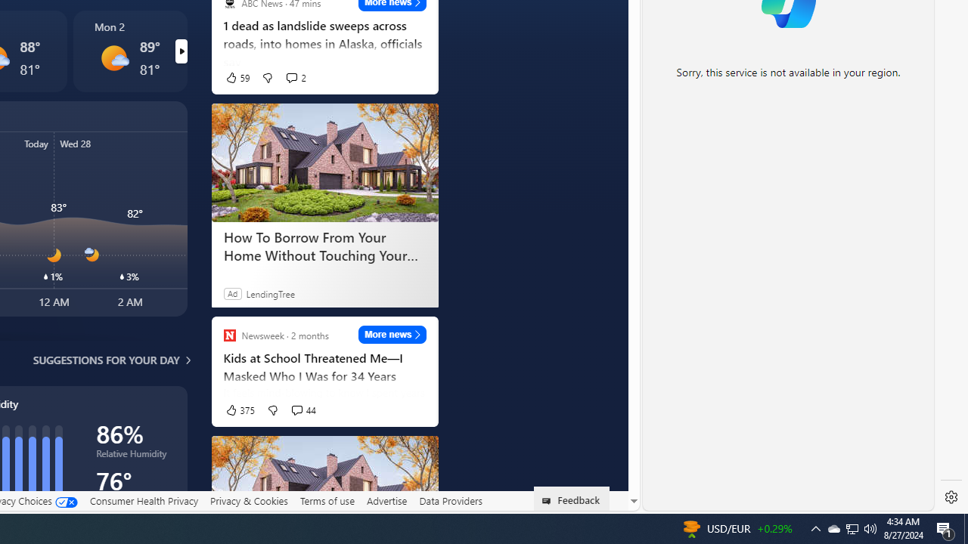 Image resolution: width=968 pixels, height=544 pixels. What do you see at coordinates (231, 293) in the screenshot?
I see `'Ad'` at bounding box center [231, 293].